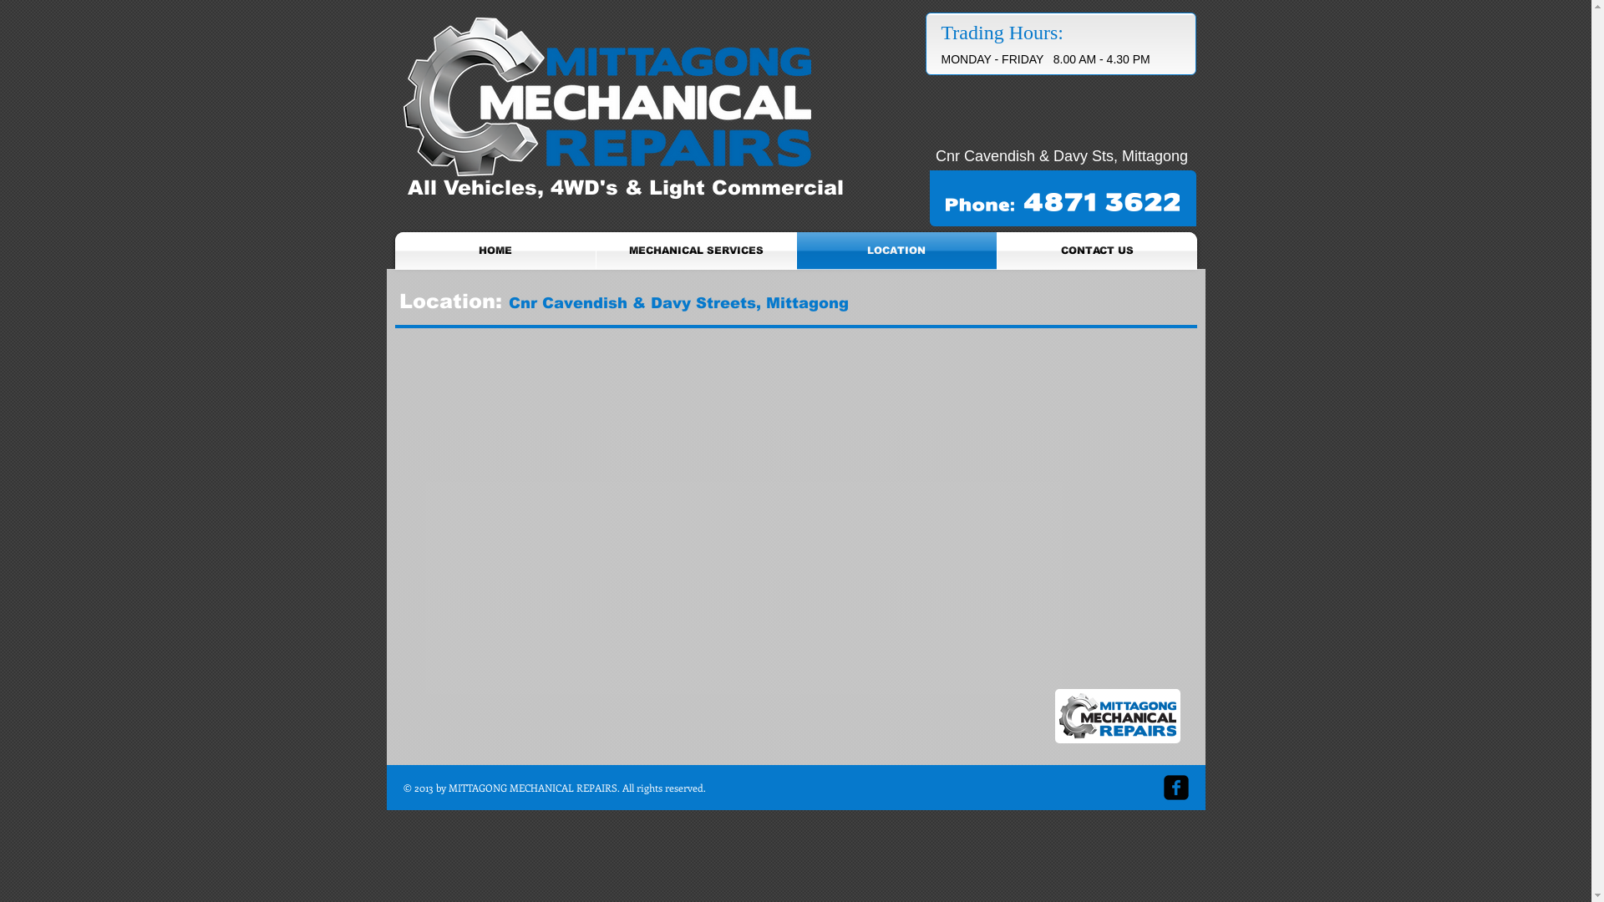  I want to click on 'LOCATION', so click(896, 251).